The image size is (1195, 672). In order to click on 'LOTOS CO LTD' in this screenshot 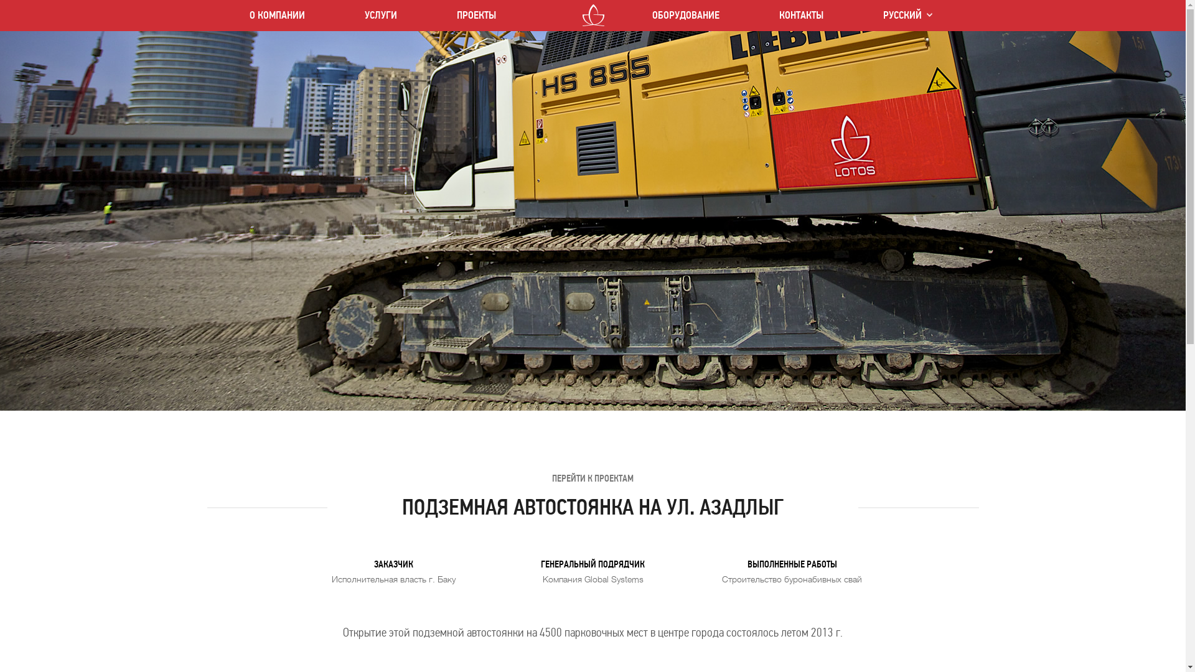, I will do `click(593, 15)`.